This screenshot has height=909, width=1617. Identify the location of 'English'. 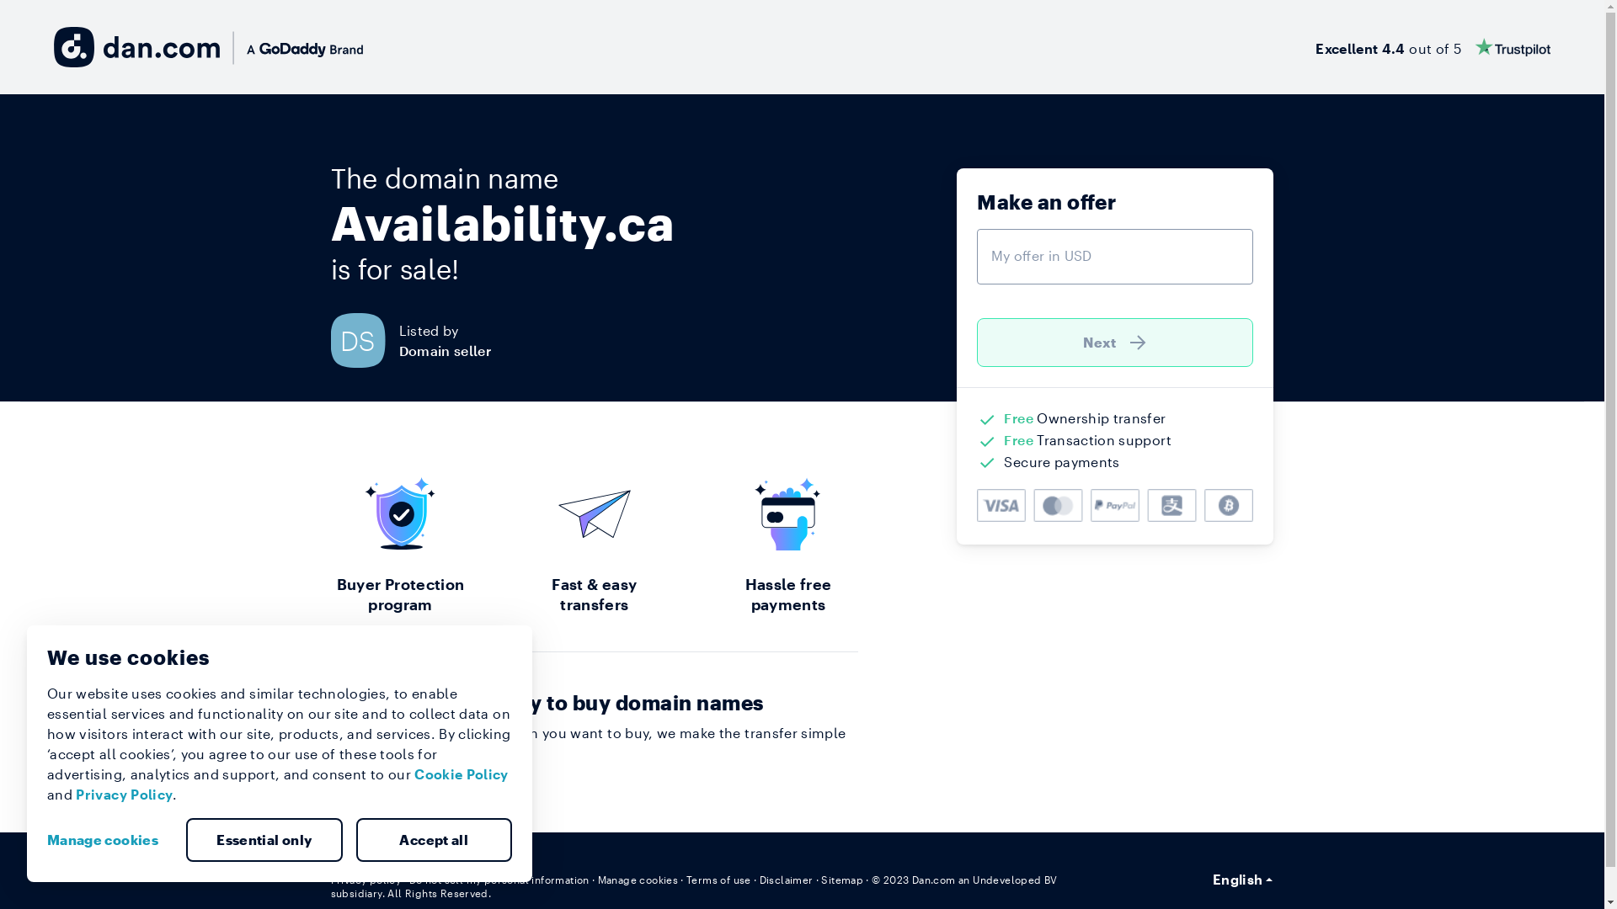
(1243, 879).